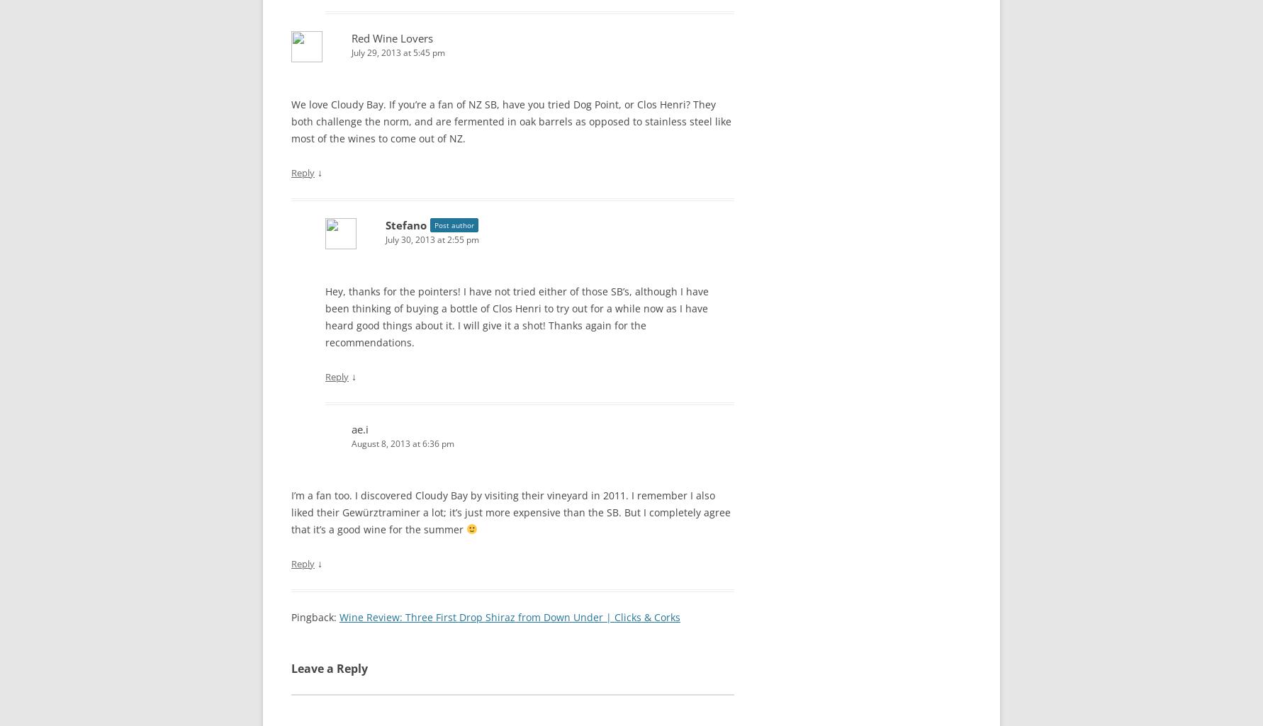 The image size is (1263, 726). What do you see at coordinates (386, 239) in the screenshot?
I see `'July 30, 2013 at 2:55 pm'` at bounding box center [386, 239].